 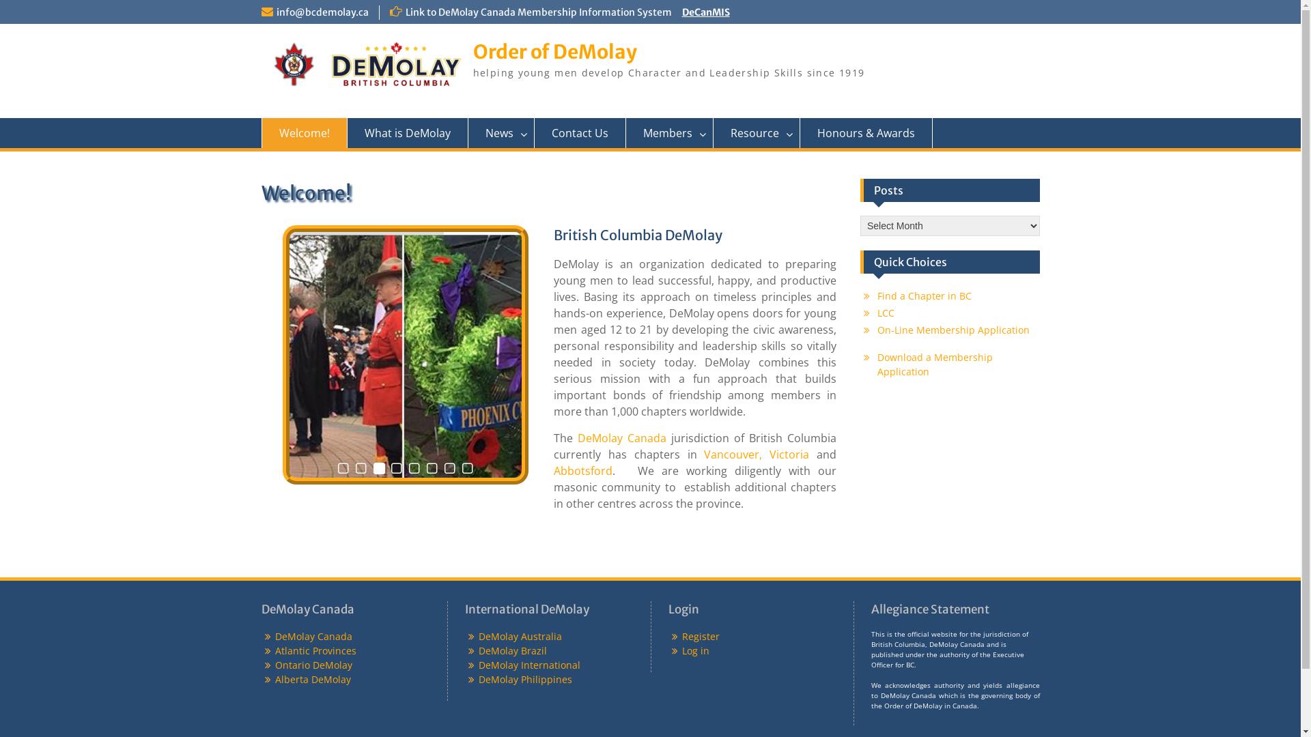 I want to click on 'Welcome!', so click(x=261, y=133).